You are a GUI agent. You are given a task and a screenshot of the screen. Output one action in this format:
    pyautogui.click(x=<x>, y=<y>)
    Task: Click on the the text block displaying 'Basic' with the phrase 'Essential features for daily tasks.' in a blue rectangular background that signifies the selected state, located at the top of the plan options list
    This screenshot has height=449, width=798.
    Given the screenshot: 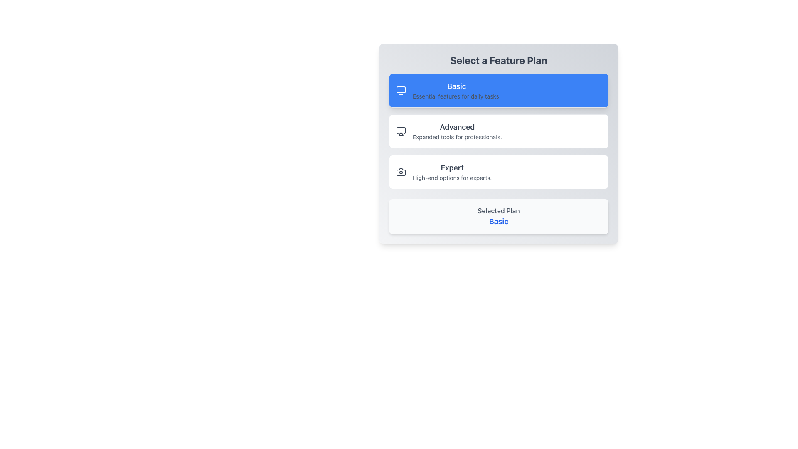 What is the action you would take?
    pyautogui.click(x=456, y=91)
    